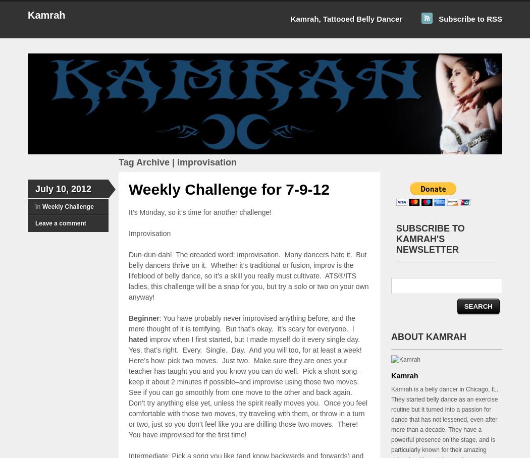 Image resolution: width=530 pixels, height=458 pixels. I want to click on 'Weekly Challenge for 7-9-12', so click(229, 189).